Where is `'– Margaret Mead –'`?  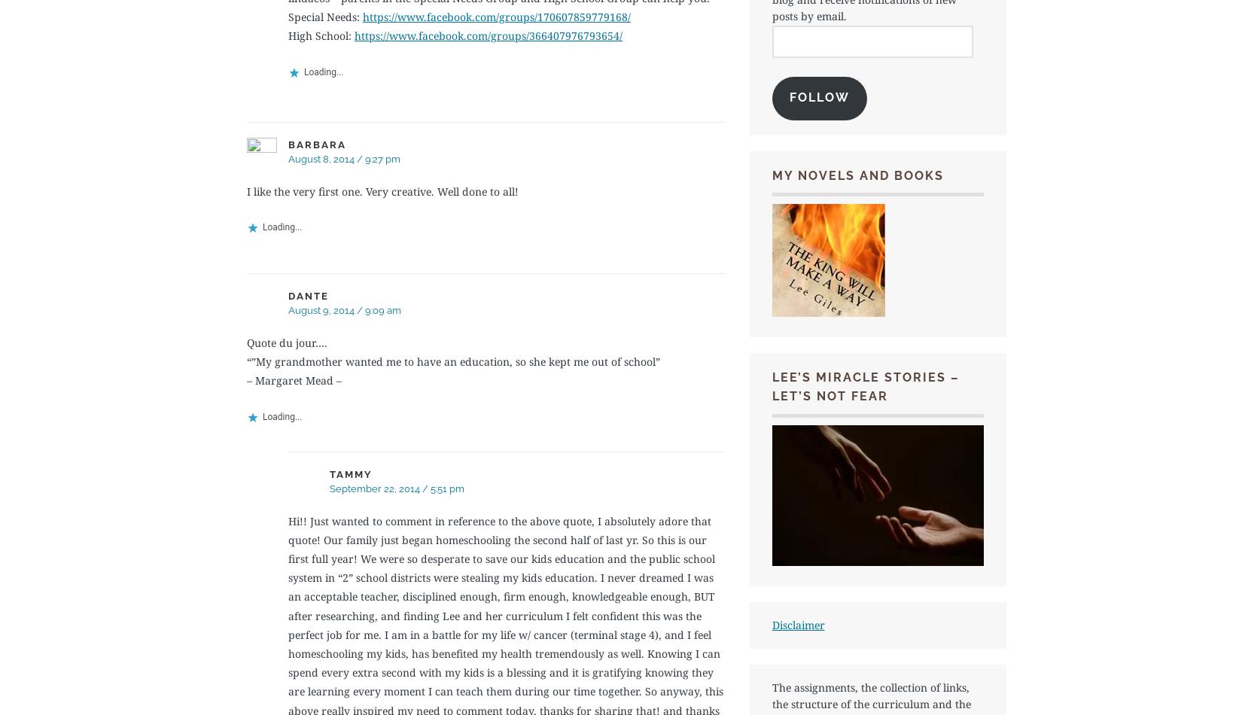
'– Margaret Mead –' is located at coordinates (294, 380).